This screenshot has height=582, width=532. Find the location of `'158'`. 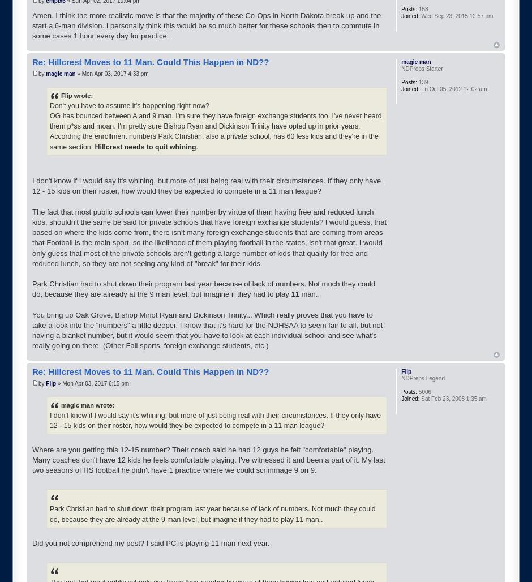

'158' is located at coordinates (422, 9).